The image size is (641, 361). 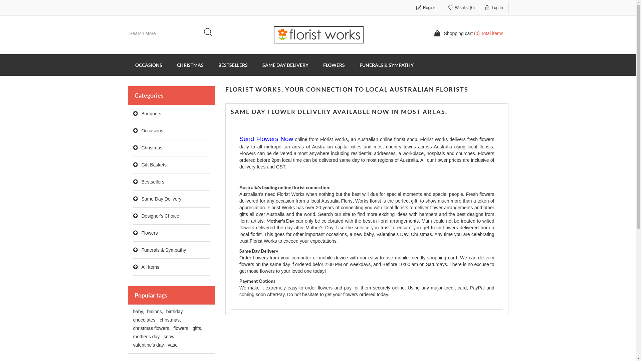 What do you see at coordinates (133, 319) in the screenshot?
I see `'chocolates,'` at bounding box center [133, 319].